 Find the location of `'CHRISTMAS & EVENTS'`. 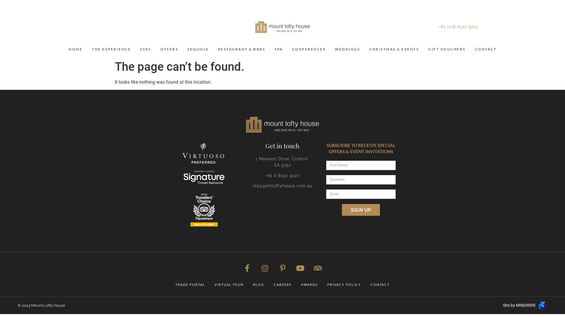

'CHRISTMAS & EVENTS' is located at coordinates (394, 49).